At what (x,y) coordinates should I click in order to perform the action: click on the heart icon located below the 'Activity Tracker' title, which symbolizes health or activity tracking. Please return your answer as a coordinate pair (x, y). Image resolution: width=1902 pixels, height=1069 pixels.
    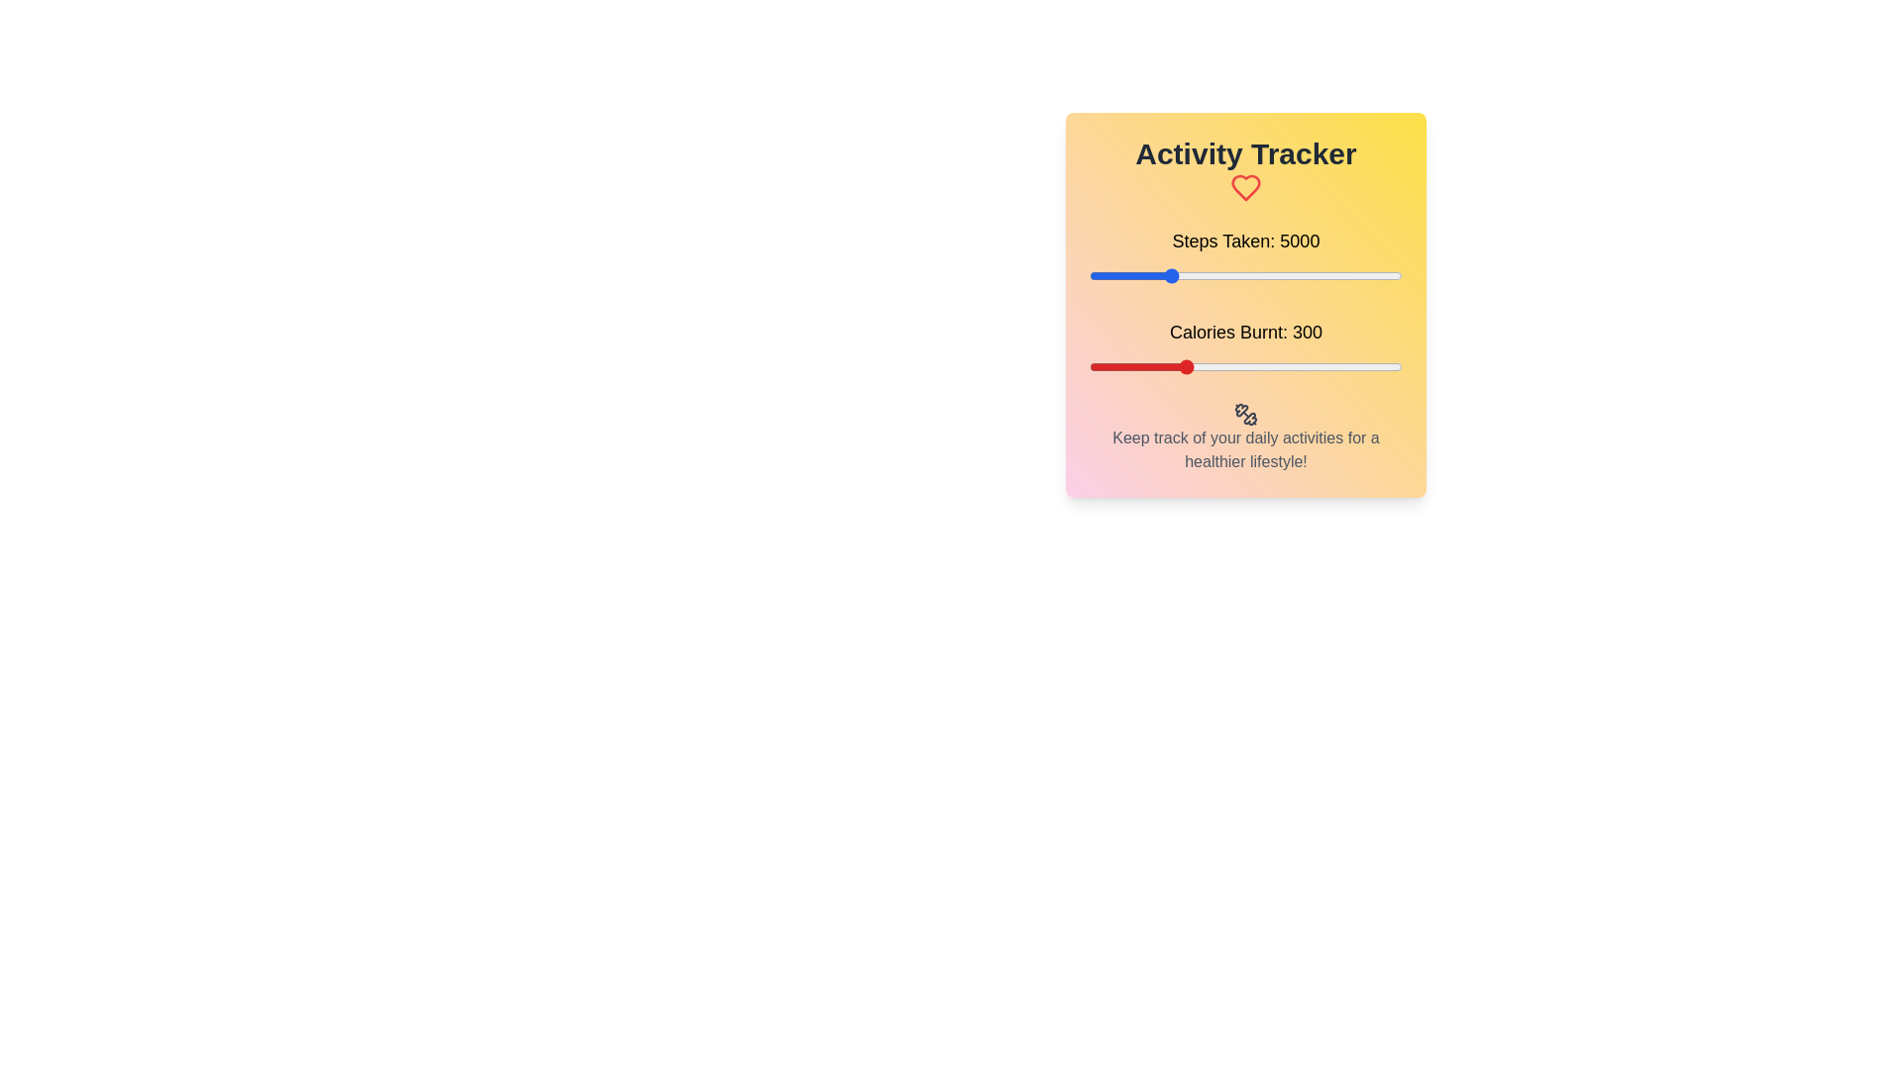
    Looking at the image, I should click on (1244, 187).